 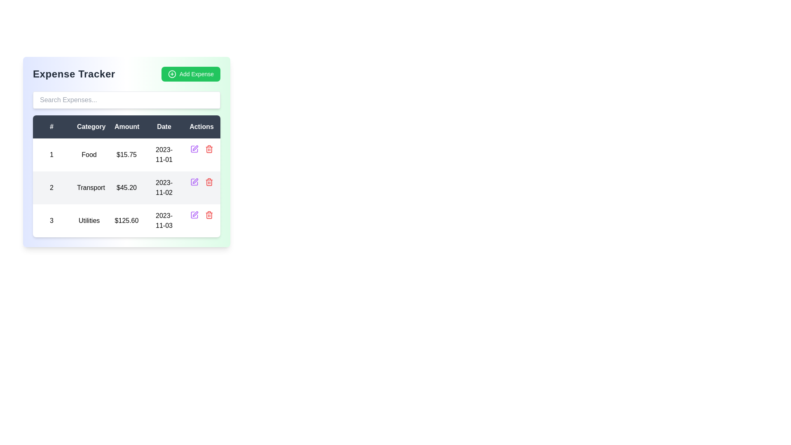 What do you see at coordinates (209, 214) in the screenshot?
I see `the Trash can icon located in the bottom-right corner of the third row of the 'Actions' column in the expense tracker interface` at bounding box center [209, 214].